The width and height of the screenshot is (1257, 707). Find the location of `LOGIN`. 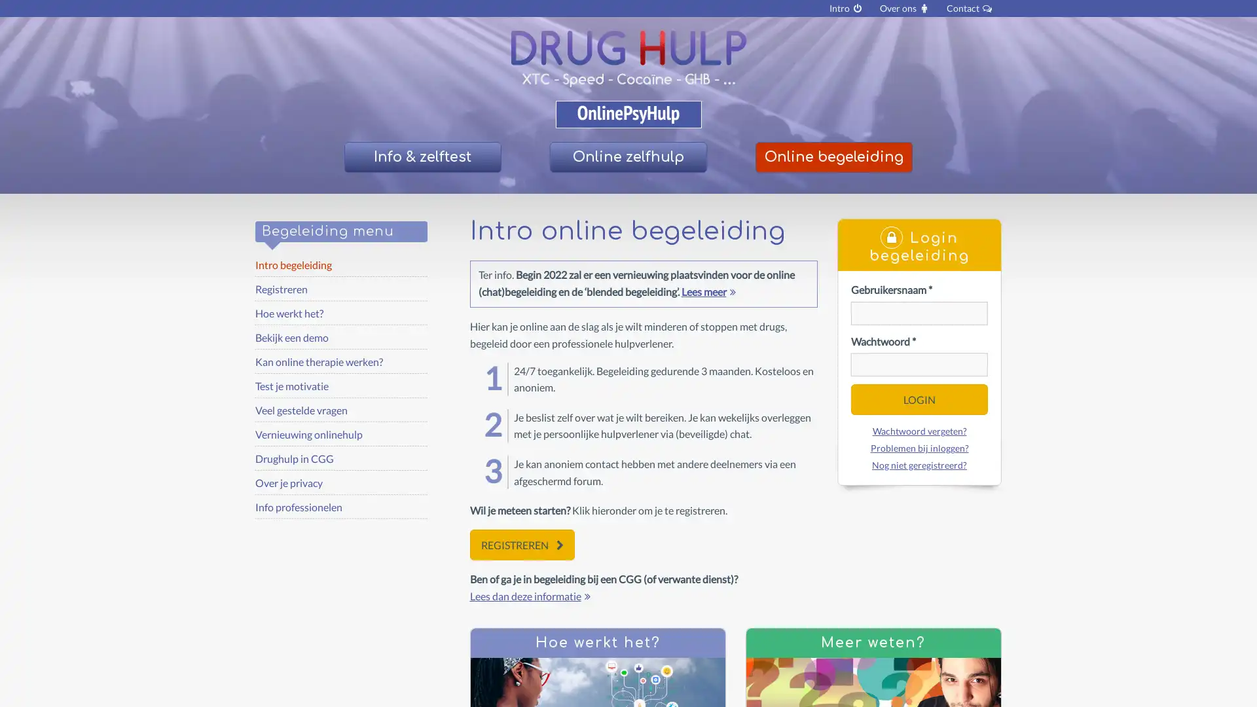

LOGIN is located at coordinates (918, 398).